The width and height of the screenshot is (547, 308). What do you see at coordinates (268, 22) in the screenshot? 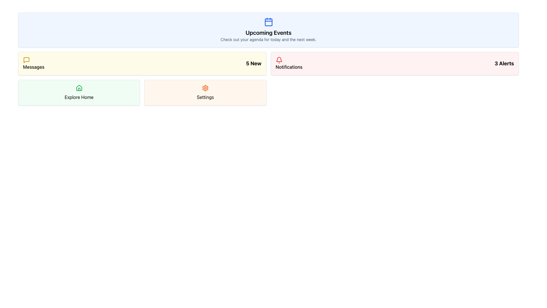
I see `the rectangular block within the calendar icon, which represents the calendar days or events, positioned centrally above the 'Upcoming Events' text` at bounding box center [268, 22].